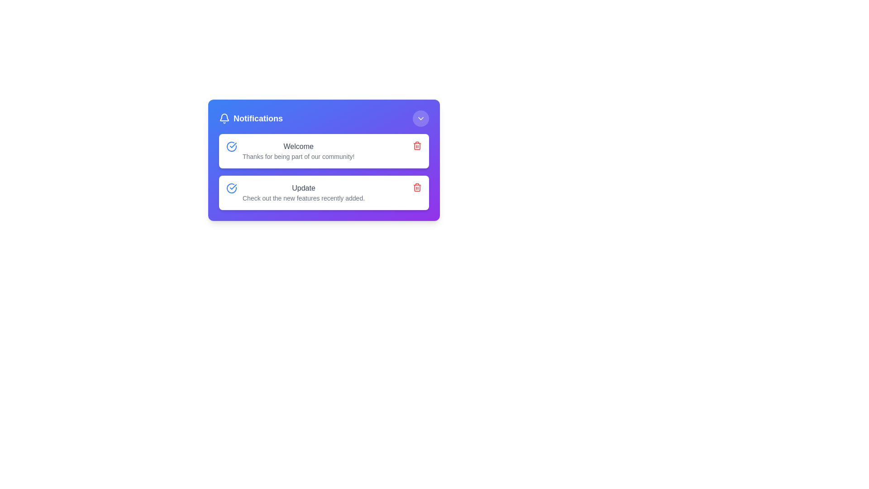  What do you see at coordinates (298, 146) in the screenshot?
I see `the static text element that serves as a header or title in the notification panel, located above the phrase 'Thanks for being part of our community!'` at bounding box center [298, 146].